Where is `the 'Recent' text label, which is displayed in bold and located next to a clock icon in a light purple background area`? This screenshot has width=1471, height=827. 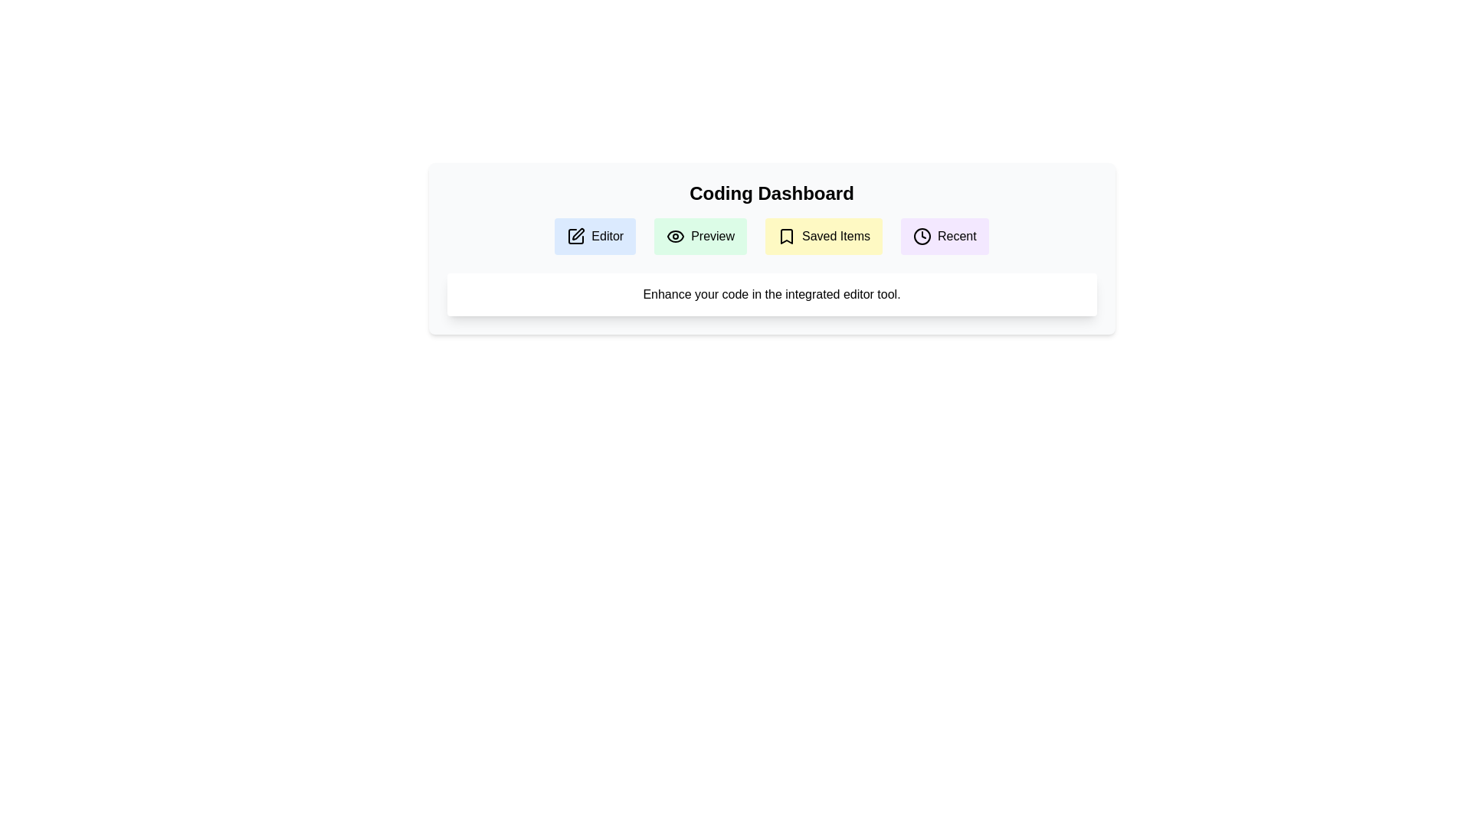 the 'Recent' text label, which is displayed in bold and located next to a clock icon in a light purple background area is located at coordinates (956, 236).